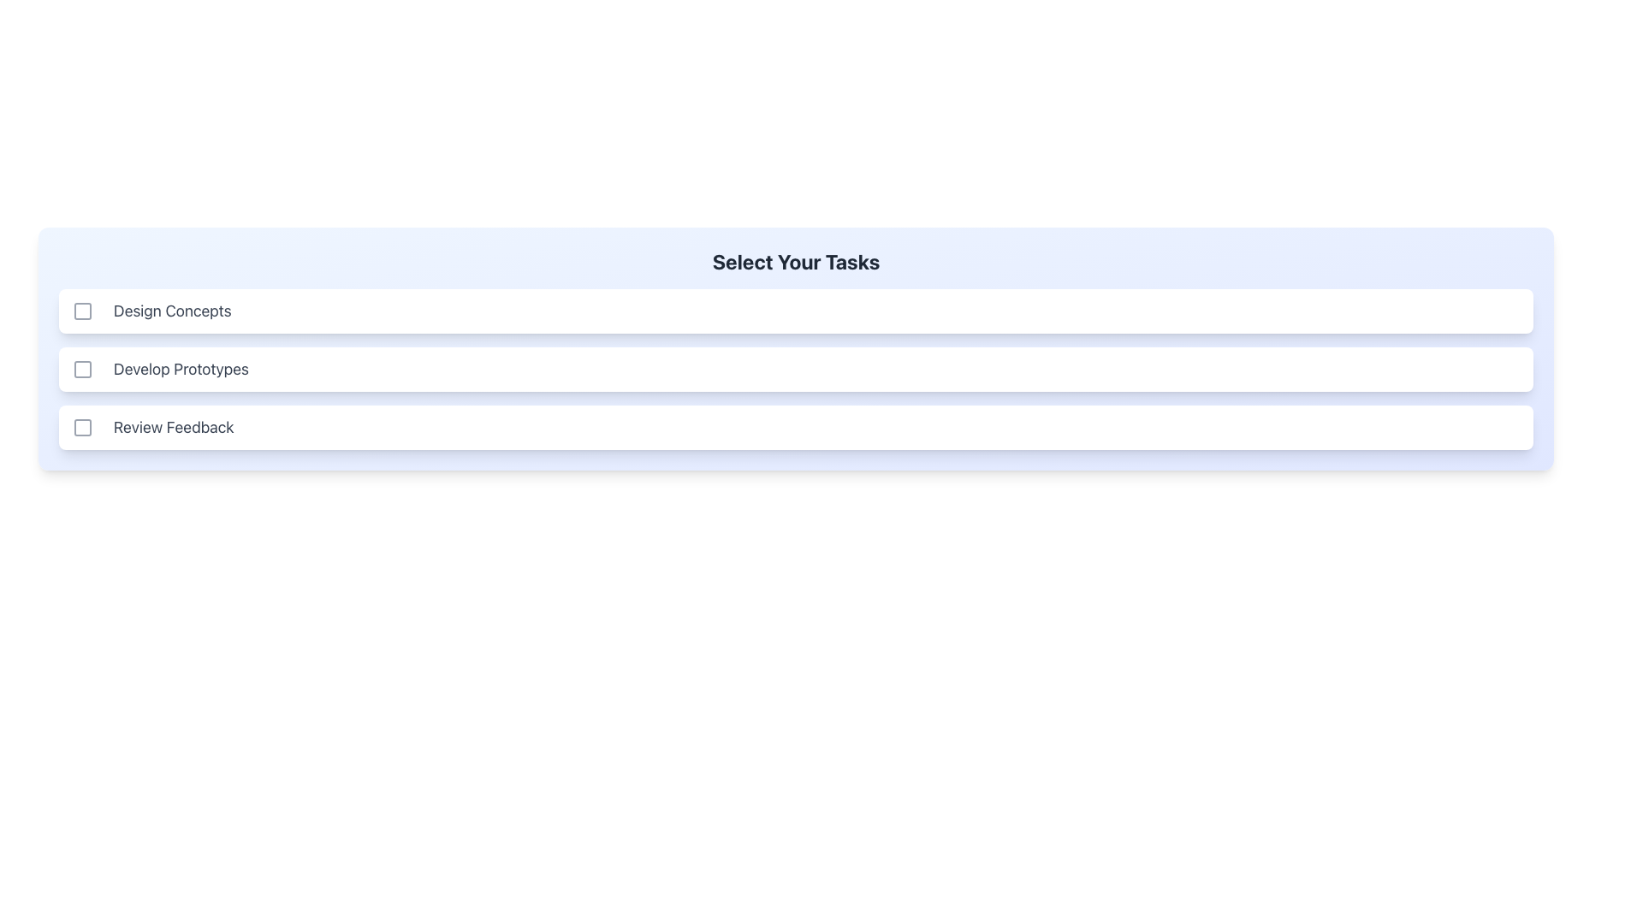 This screenshot has width=1643, height=924. What do you see at coordinates (795, 369) in the screenshot?
I see `the task item labeled 'Develop Prototypes', which is styled with a white background, rounded corners, and a shadow effect` at bounding box center [795, 369].